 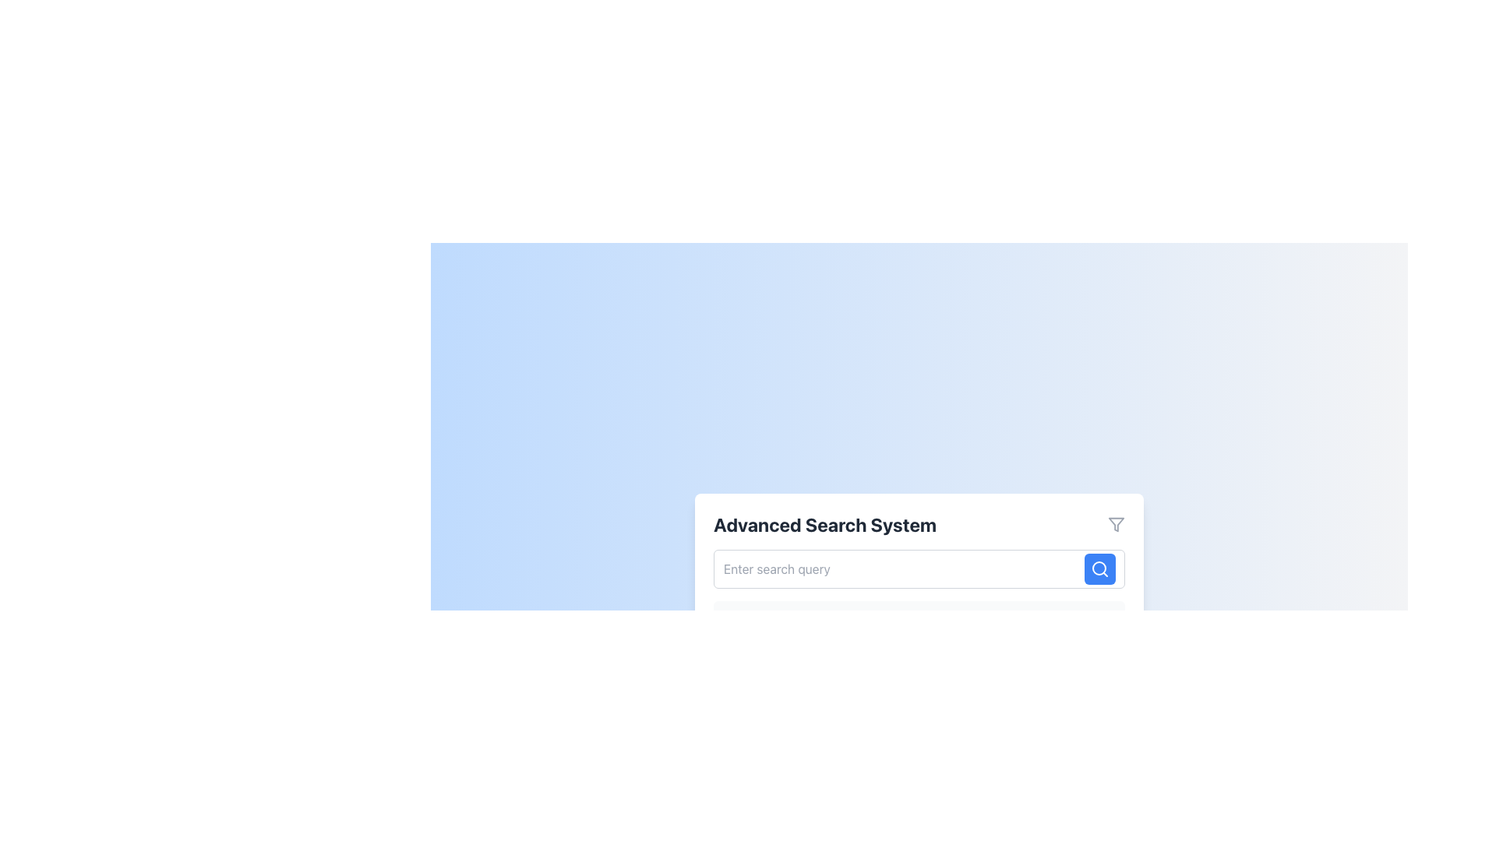 What do you see at coordinates (1099, 569) in the screenshot?
I see `the search button located at the right end of the input field labeled 'Enter search query' for keyboard navigation` at bounding box center [1099, 569].